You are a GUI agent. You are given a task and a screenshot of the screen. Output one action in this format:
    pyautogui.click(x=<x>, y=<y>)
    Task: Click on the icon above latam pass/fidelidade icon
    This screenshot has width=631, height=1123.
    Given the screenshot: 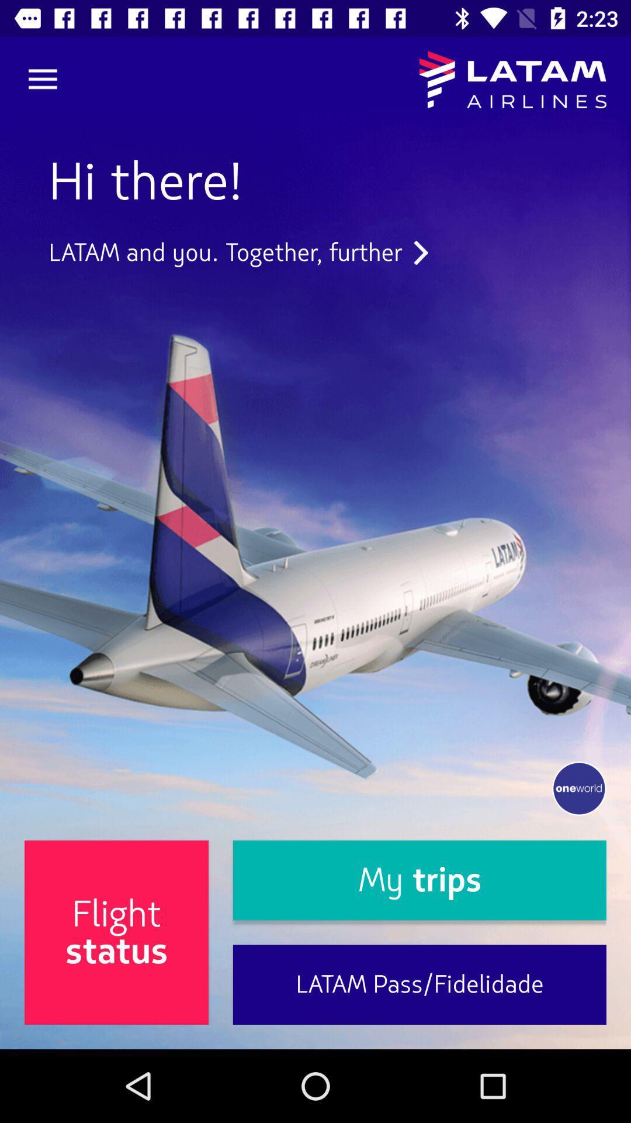 What is the action you would take?
    pyautogui.click(x=419, y=880)
    